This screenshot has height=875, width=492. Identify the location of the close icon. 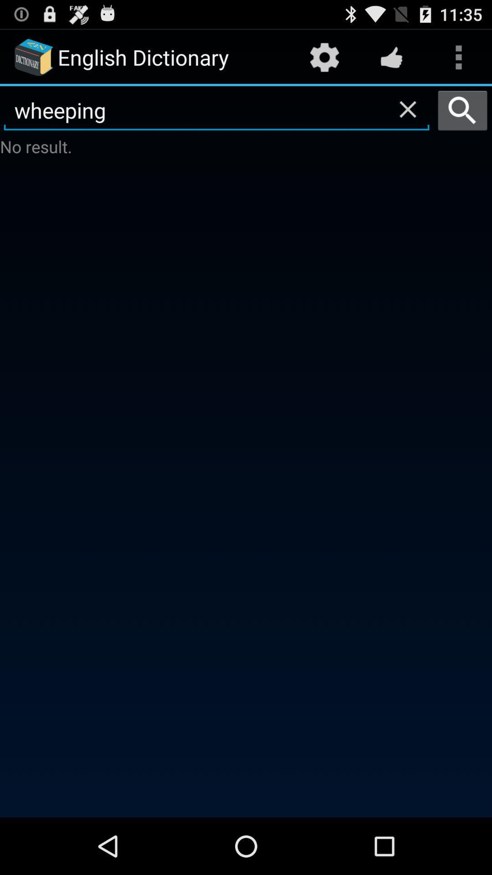
(407, 116).